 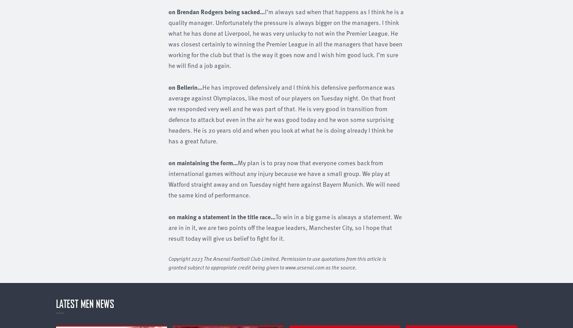 What do you see at coordinates (202, 162) in the screenshot?
I see `'on maintaining the form…'` at bounding box center [202, 162].